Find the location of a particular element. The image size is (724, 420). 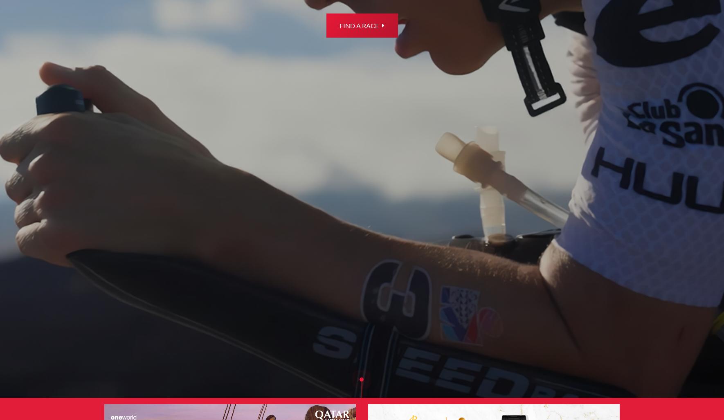

'Rules + Policies' is located at coordinates (311, 359).